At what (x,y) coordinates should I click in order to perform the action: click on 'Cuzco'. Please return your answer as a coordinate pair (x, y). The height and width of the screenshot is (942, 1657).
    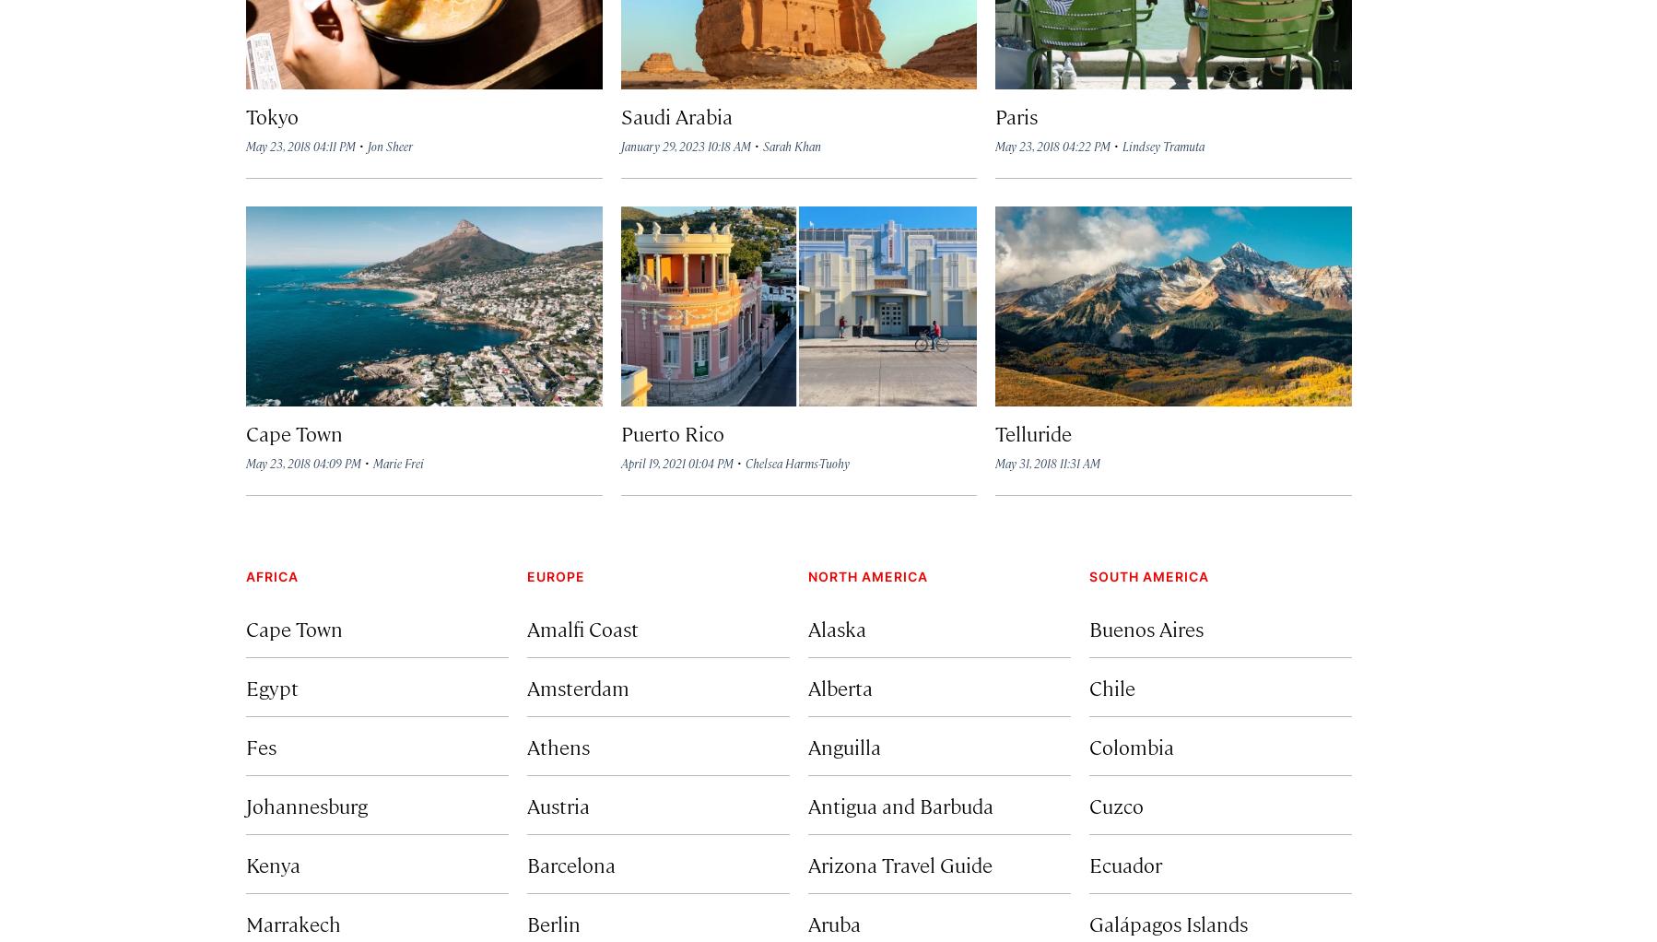
    Looking at the image, I should click on (1115, 804).